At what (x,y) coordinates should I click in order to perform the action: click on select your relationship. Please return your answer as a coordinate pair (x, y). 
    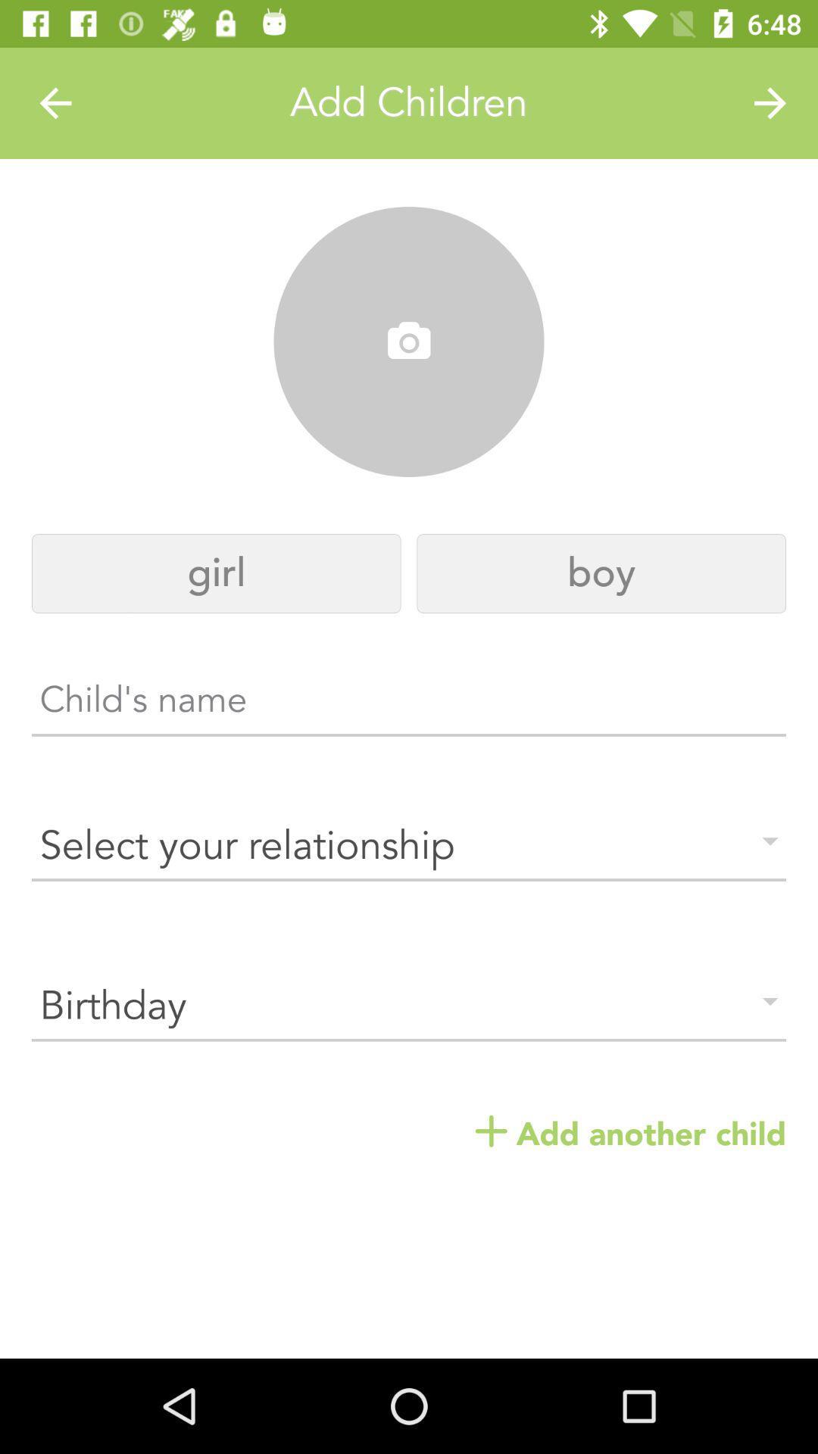
    Looking at the image, I should click on (409, 845).